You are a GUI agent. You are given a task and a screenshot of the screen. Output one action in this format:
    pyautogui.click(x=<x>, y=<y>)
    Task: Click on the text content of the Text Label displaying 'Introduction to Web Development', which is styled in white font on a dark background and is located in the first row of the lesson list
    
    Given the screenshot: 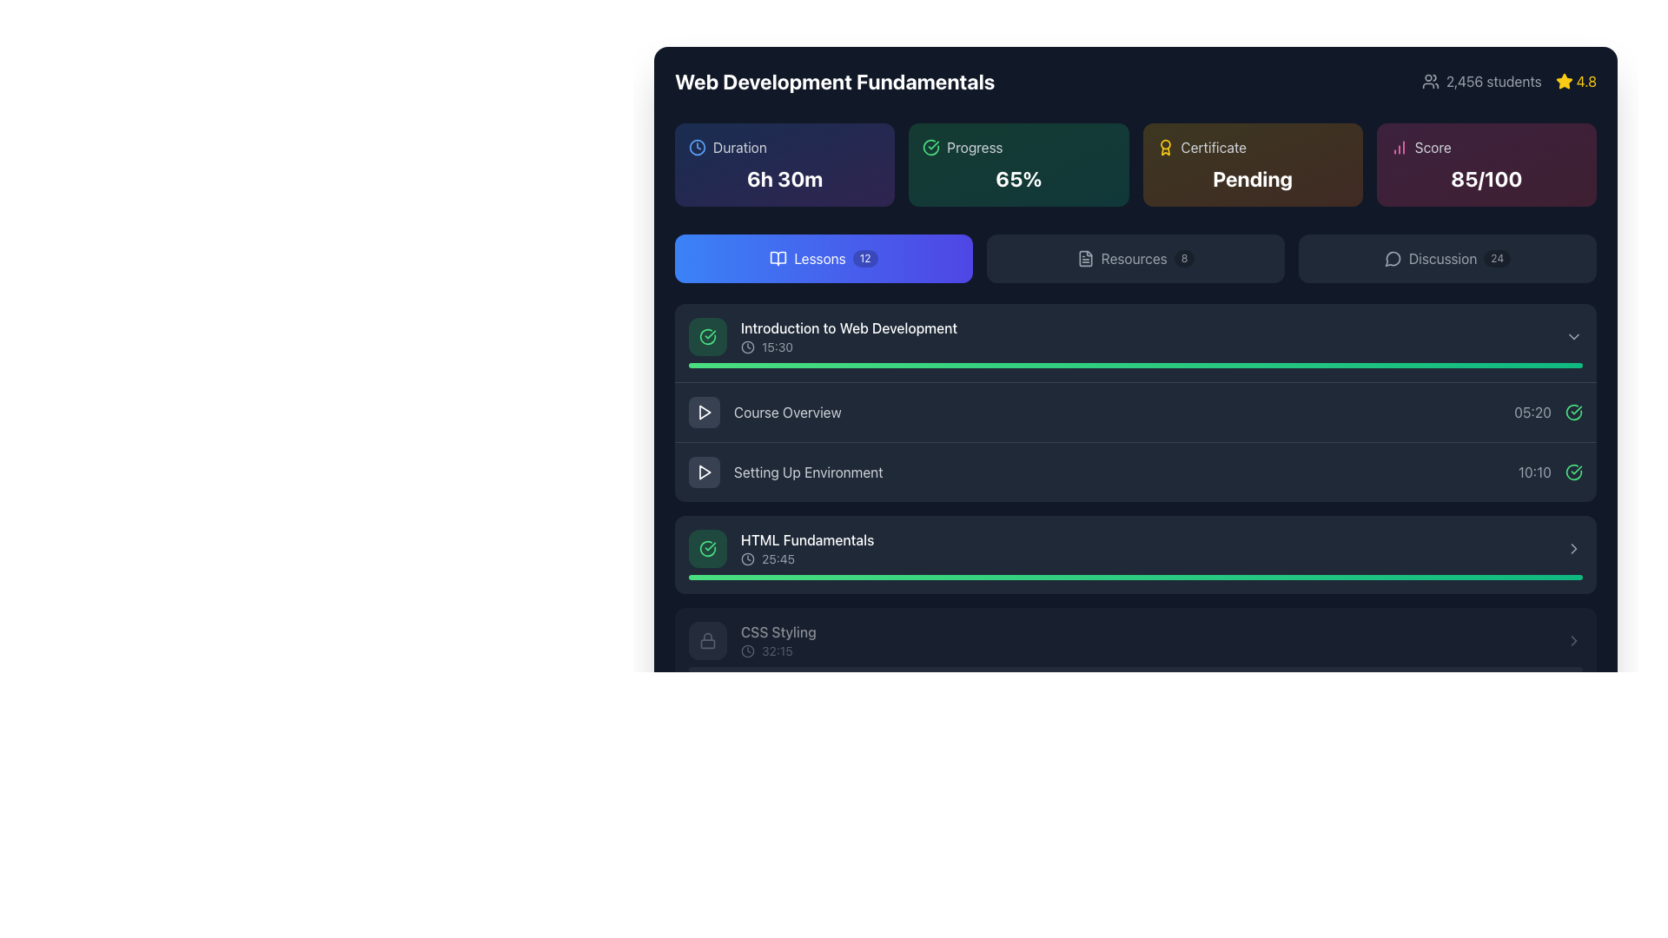 What is the action you would take?
    pyautogui.click(x=849, y=328)
    